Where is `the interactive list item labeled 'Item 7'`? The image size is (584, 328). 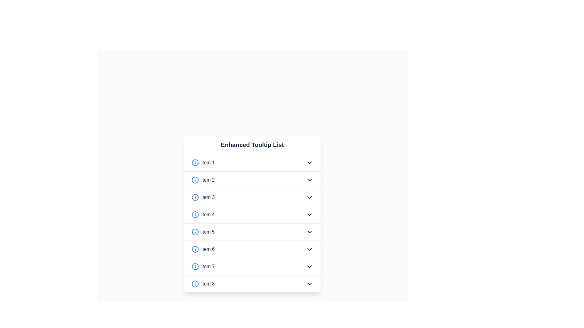
the interactive list item labeled 'Item 7' is located at coordinates (252, 266).